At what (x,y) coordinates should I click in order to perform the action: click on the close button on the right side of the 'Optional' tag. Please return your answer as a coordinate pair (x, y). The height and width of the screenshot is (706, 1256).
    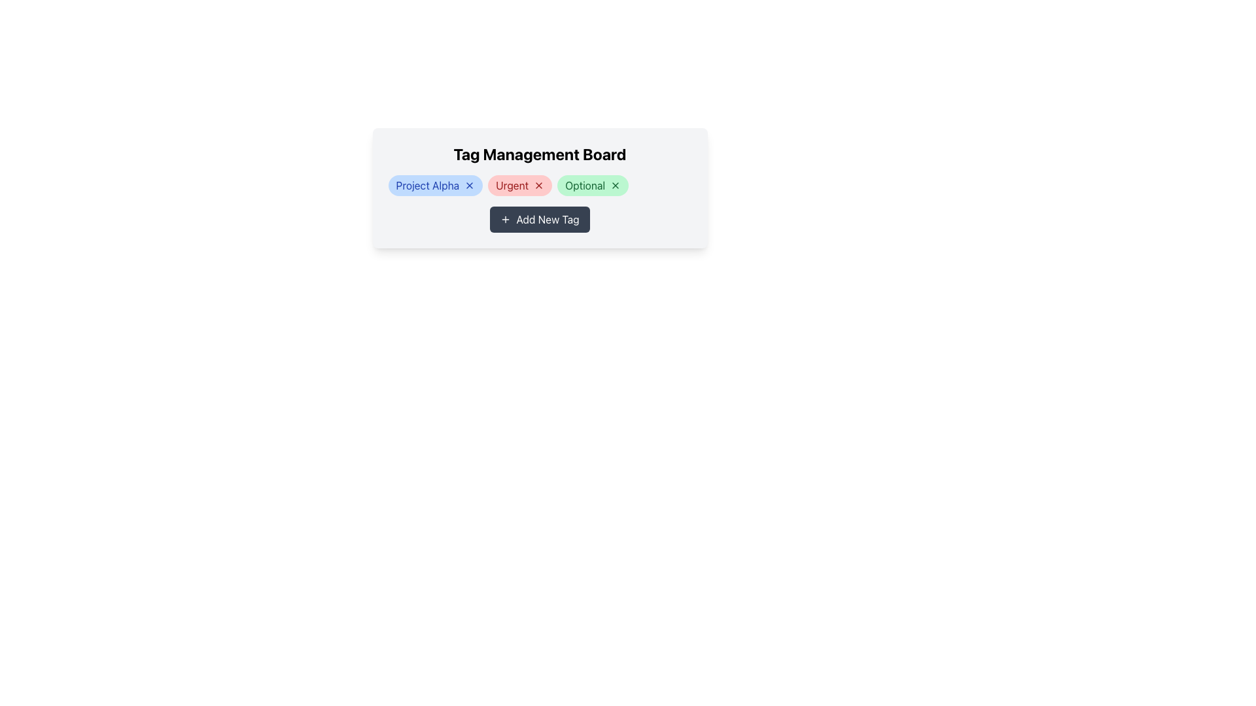
    Looking at the image, I should click on (614, 186).